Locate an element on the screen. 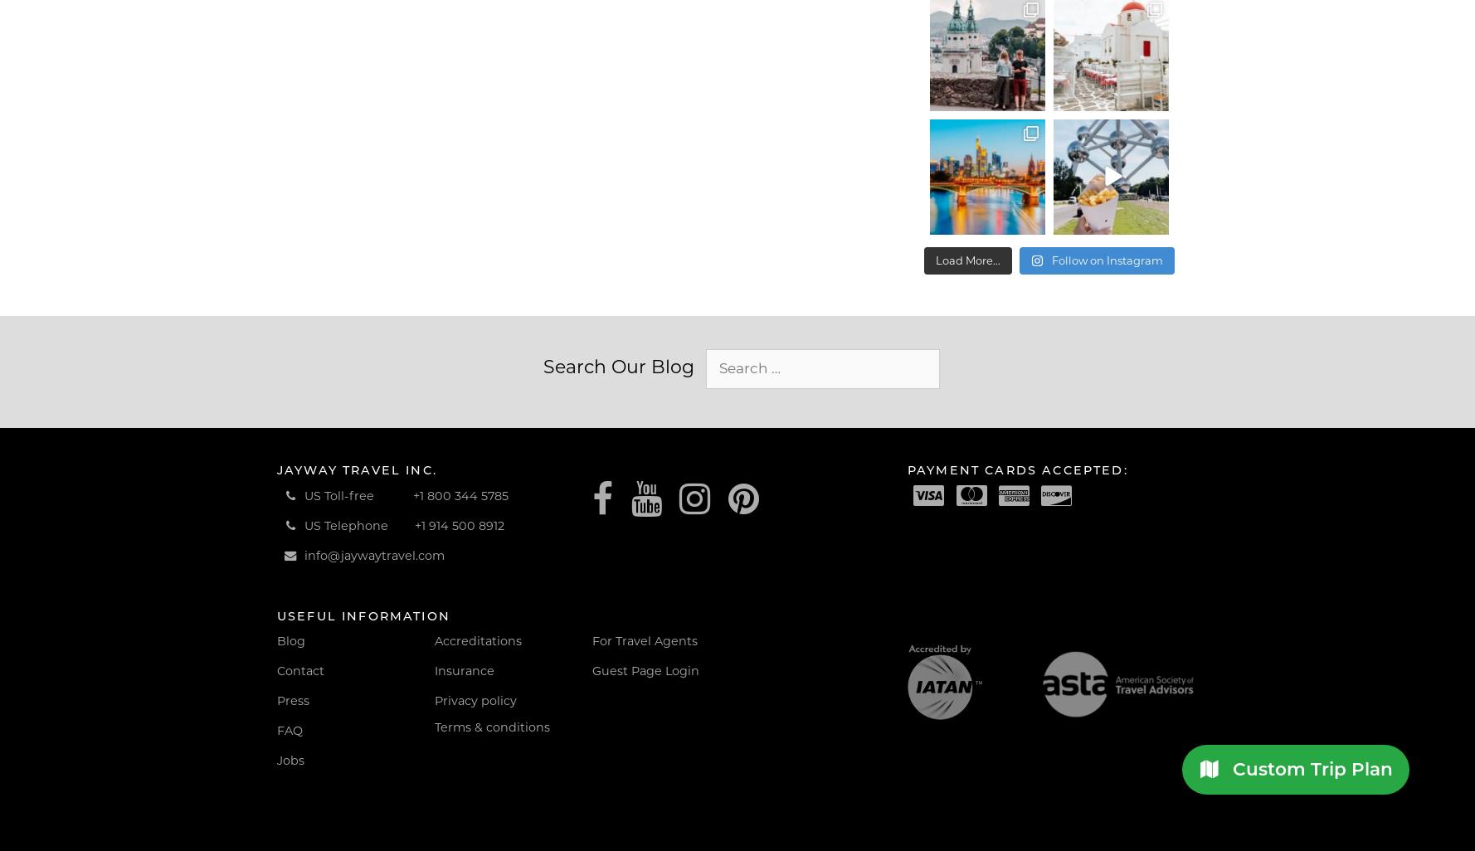 The height and width of the screenshot is (851, 1475). 'For Travel Agents' is located at coordinates (645, 639).